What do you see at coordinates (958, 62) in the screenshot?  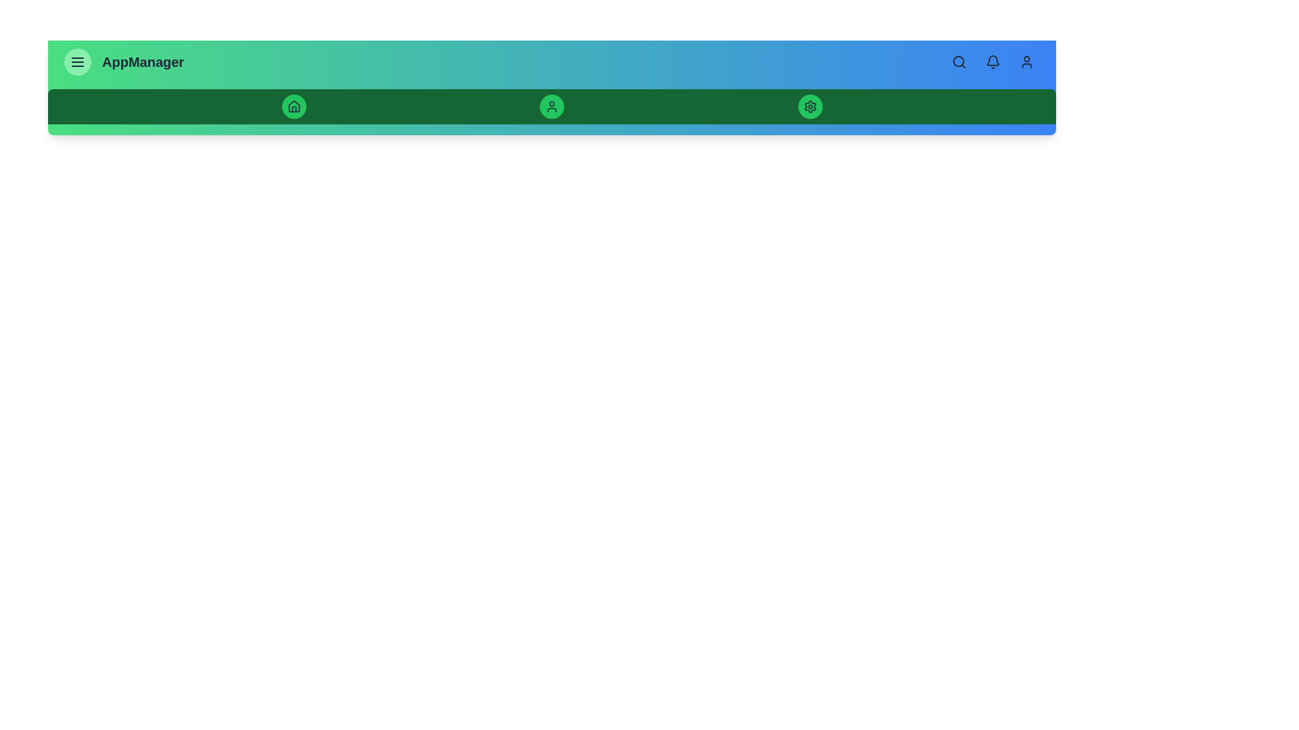 I see `the search button to initiate a search action` at bounding box center [958, 62].